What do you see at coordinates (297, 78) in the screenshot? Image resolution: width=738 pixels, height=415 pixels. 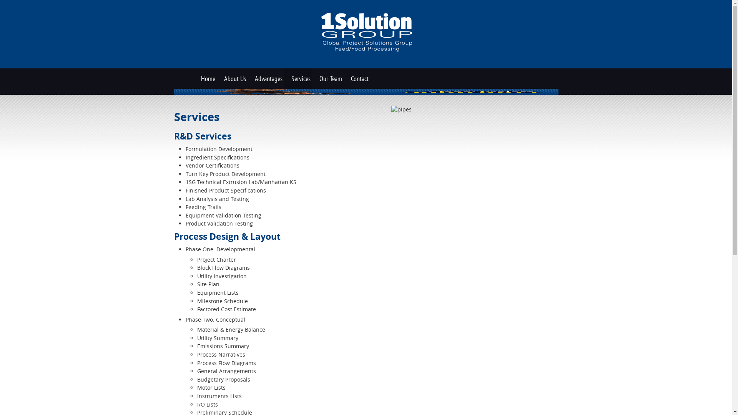 I see `'Services'` at bounding box center [297, 78].